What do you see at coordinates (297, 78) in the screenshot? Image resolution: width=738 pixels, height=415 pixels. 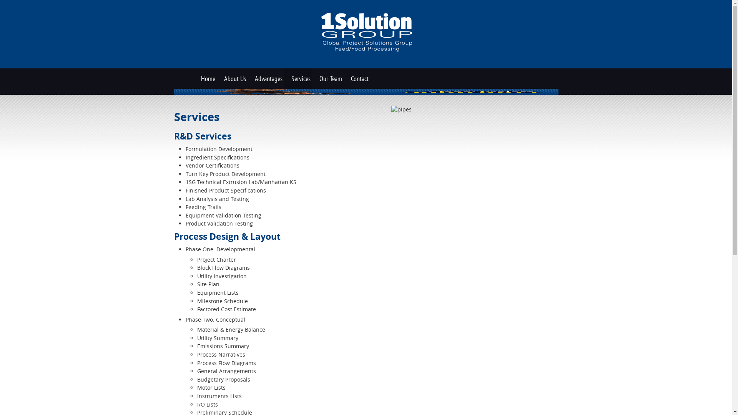 I see `'Services'` at bounding box center [297, 78].